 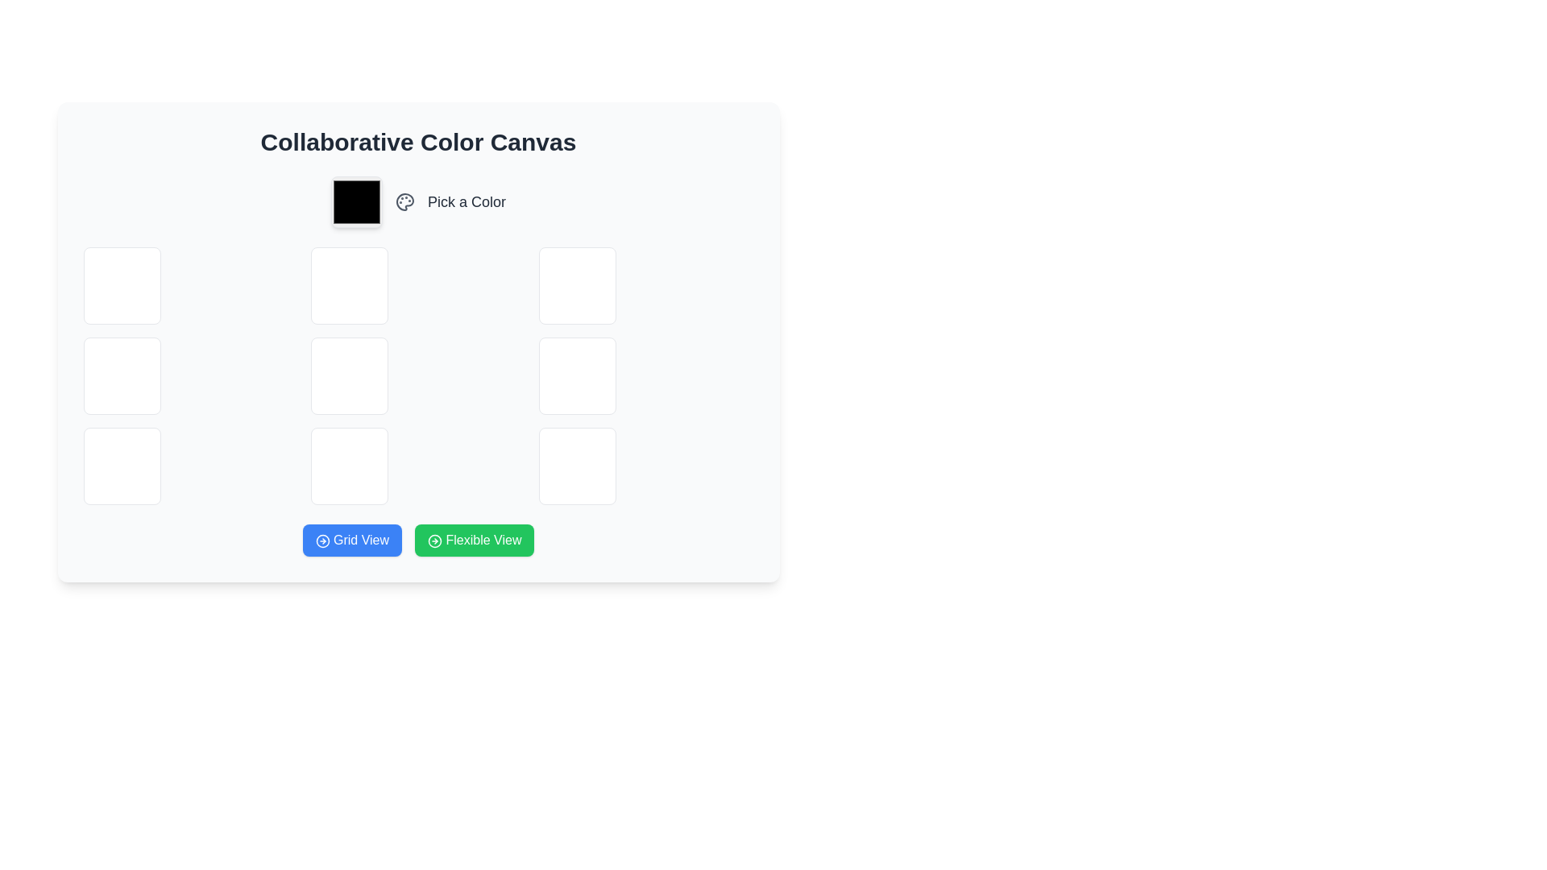 What do you see at coordinates (577, 466) in the screenshot?
I see `the grid cell component located` at bounding box center [577, 466].